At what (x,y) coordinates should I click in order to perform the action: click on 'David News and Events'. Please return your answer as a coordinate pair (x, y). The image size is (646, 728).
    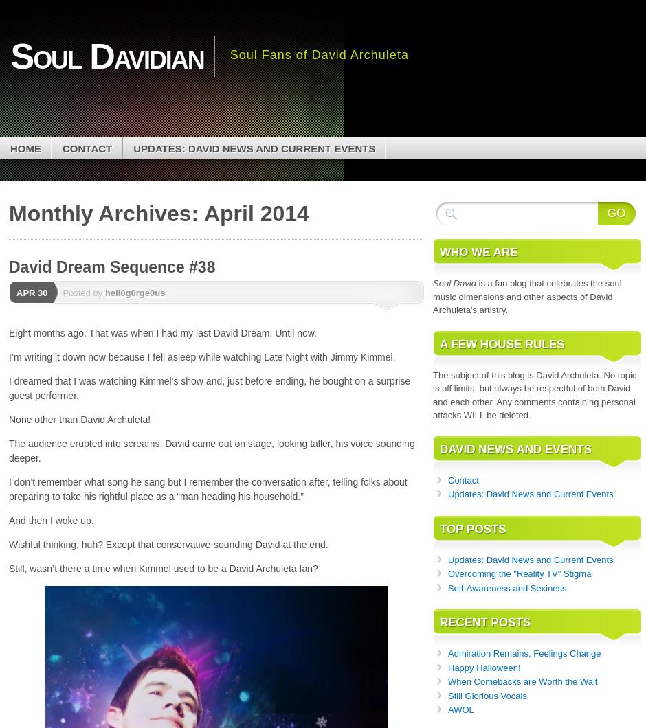
    Looking at the image, I should click on (515, 448).